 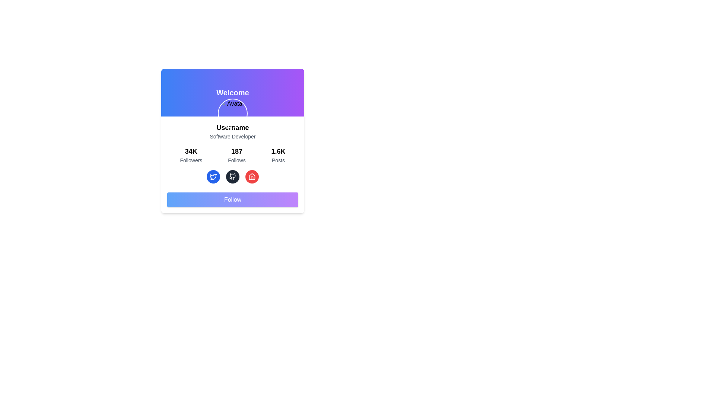 I want to click on the interactive button with an icon, which is the fourth element in the horizontal row of icons at the bottom center of the card layout, so click(x=252, y=176).